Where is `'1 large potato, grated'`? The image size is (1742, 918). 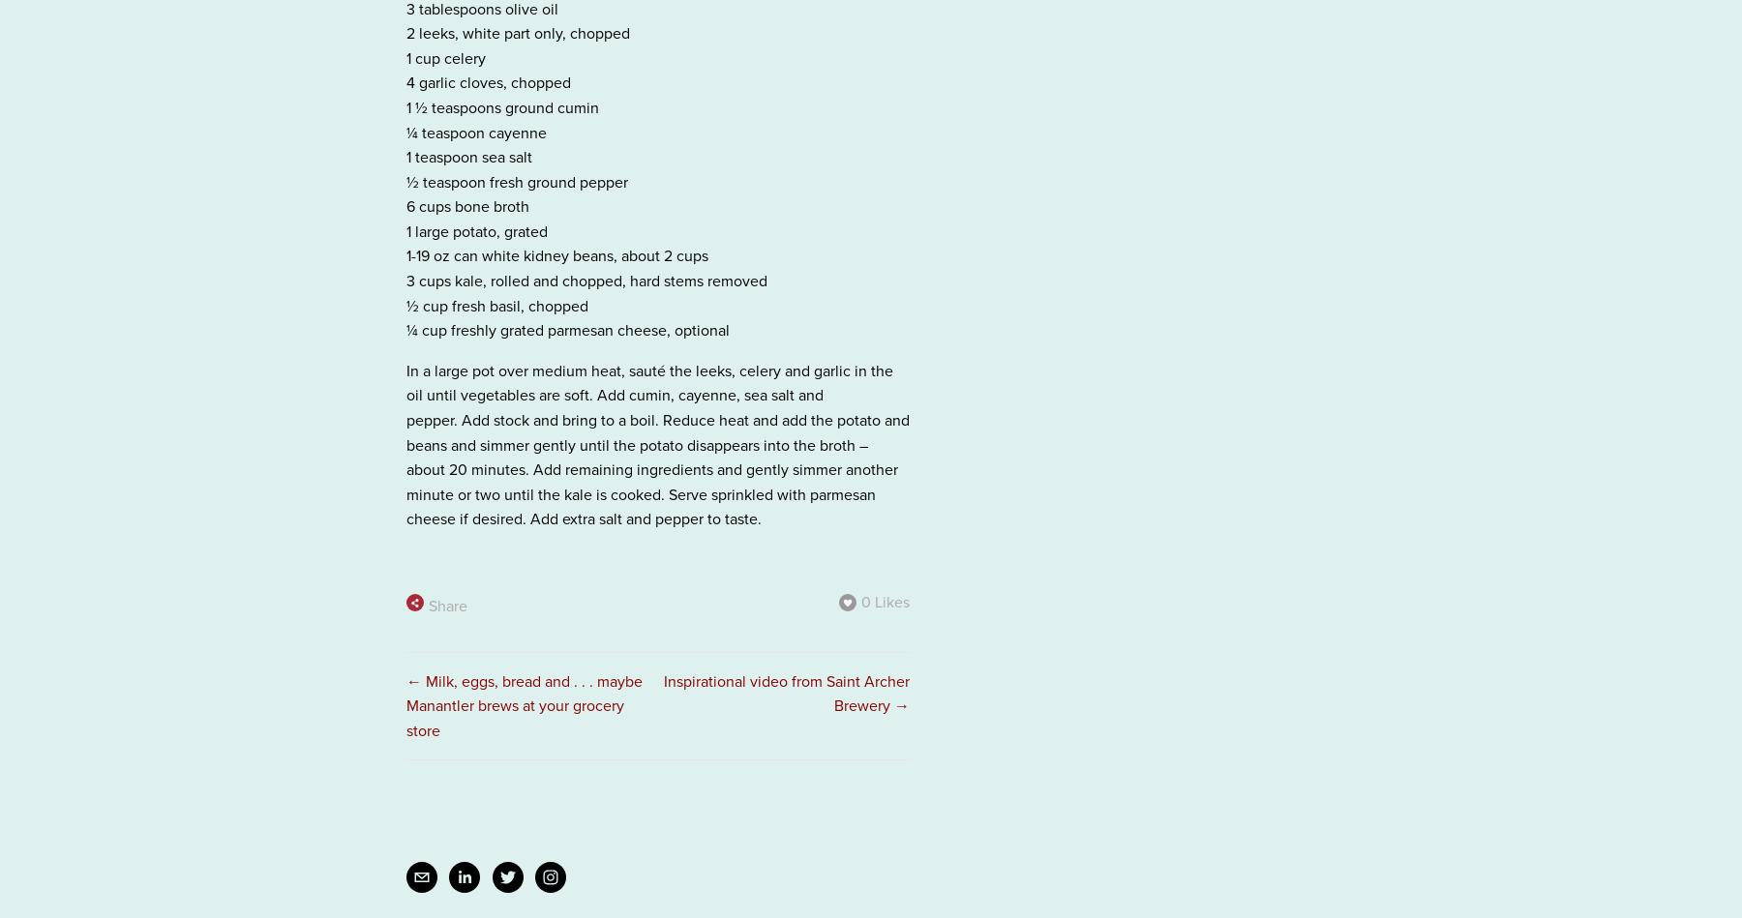
'1 large potato, grated' is located at coordinates (476, 229).